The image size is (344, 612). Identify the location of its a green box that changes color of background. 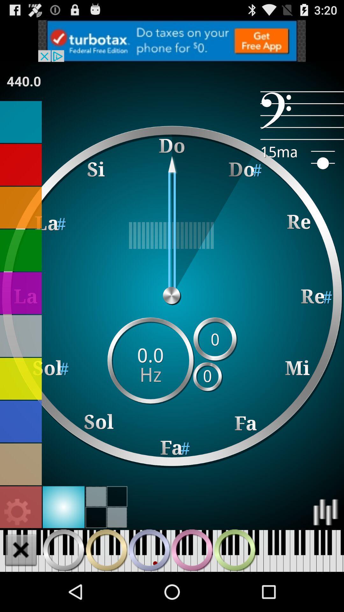
(20, 250).